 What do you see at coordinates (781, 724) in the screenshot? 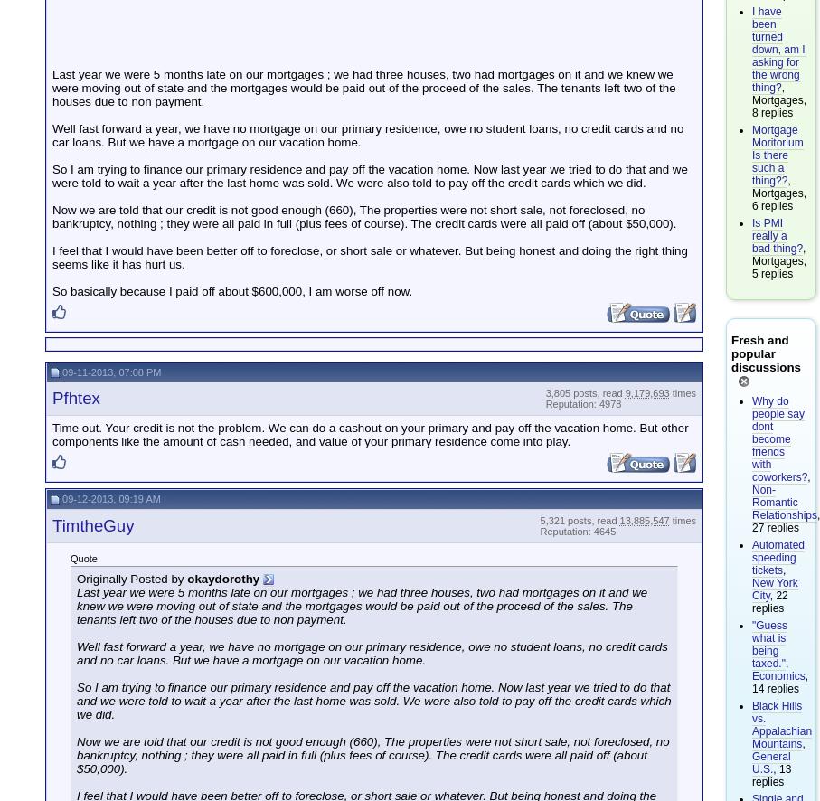
I see `'Black Hills vs. Appalachian Mountains'` at bounding box center [781, 724].